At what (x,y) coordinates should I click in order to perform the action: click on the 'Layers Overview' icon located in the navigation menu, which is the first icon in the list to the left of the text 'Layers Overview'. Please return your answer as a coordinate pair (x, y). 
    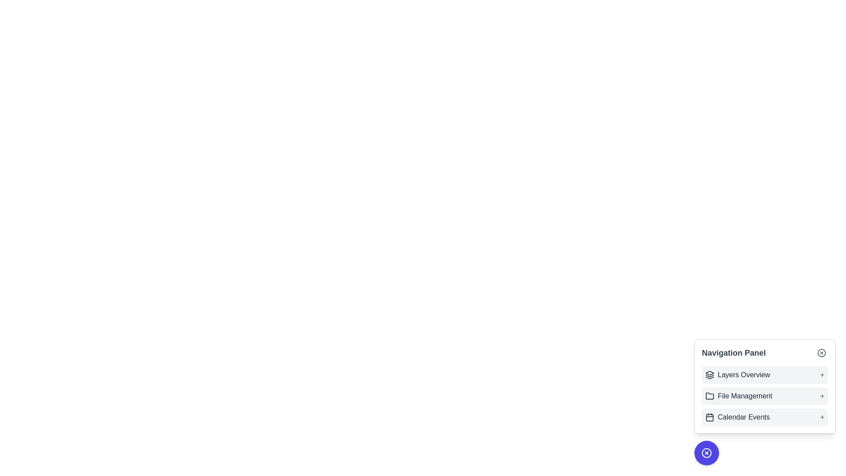
    Looking at the image, I should click on (710, 375).